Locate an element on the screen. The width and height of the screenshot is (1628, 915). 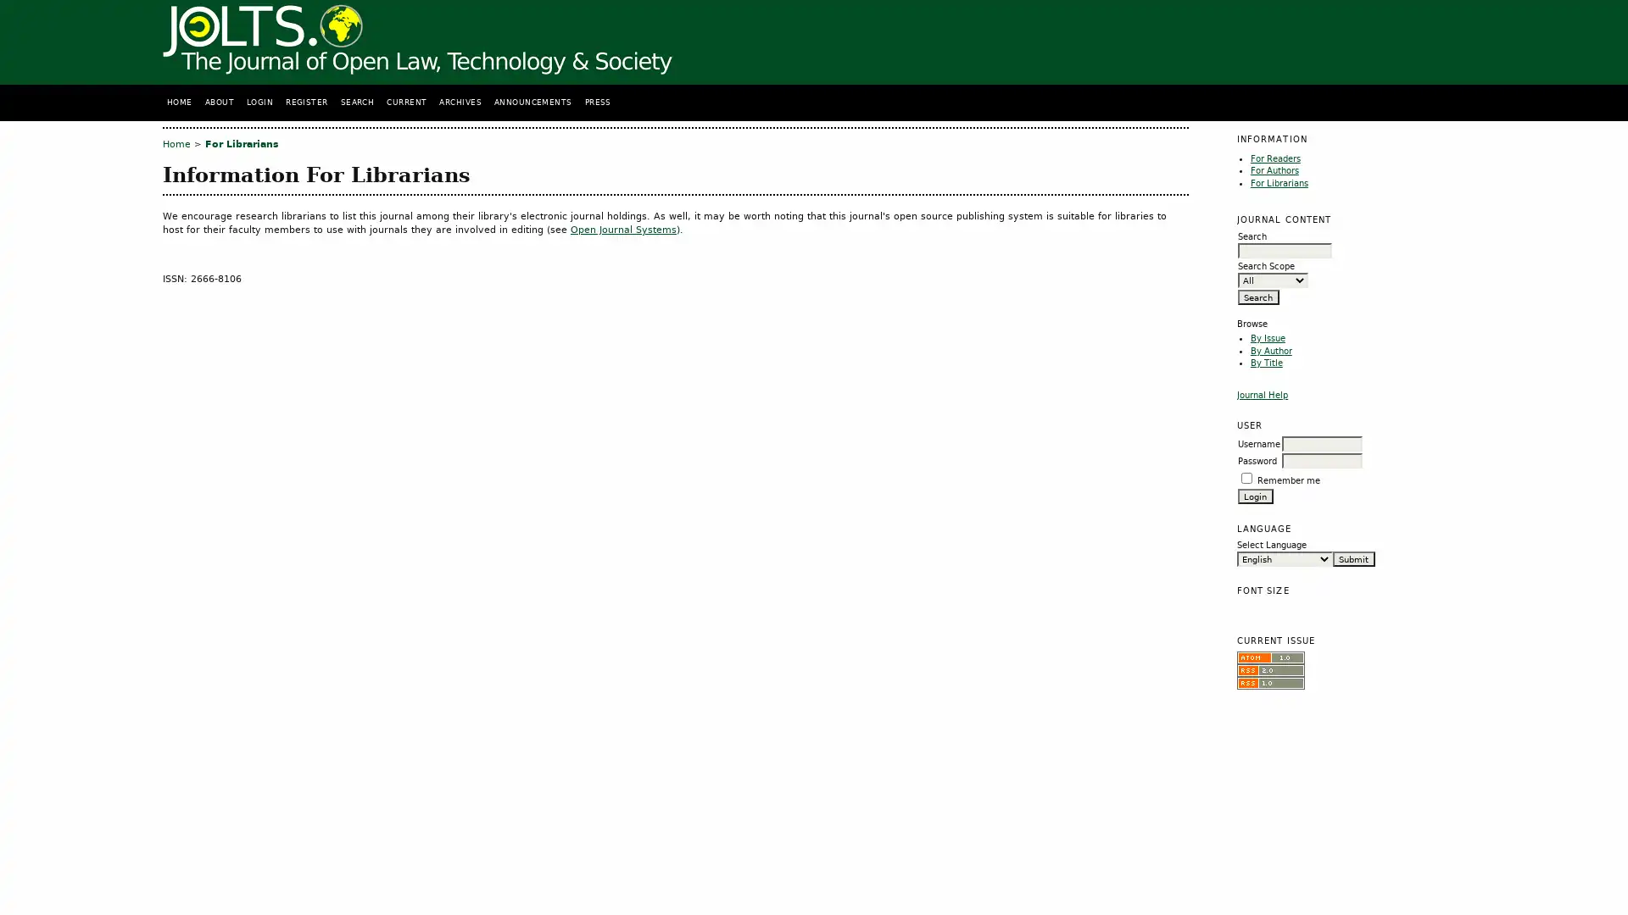
Login is located at coordinates (1255, 496).